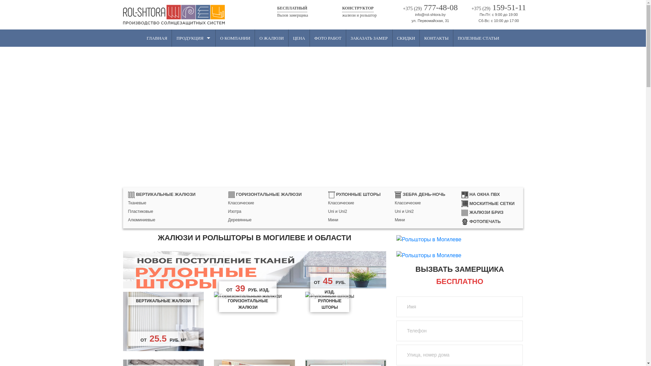  What do you see at coordinates (498, 7) in the screenshot?
I see `'+375 (29) 159-51-11'` at bounding box center [498, 7].